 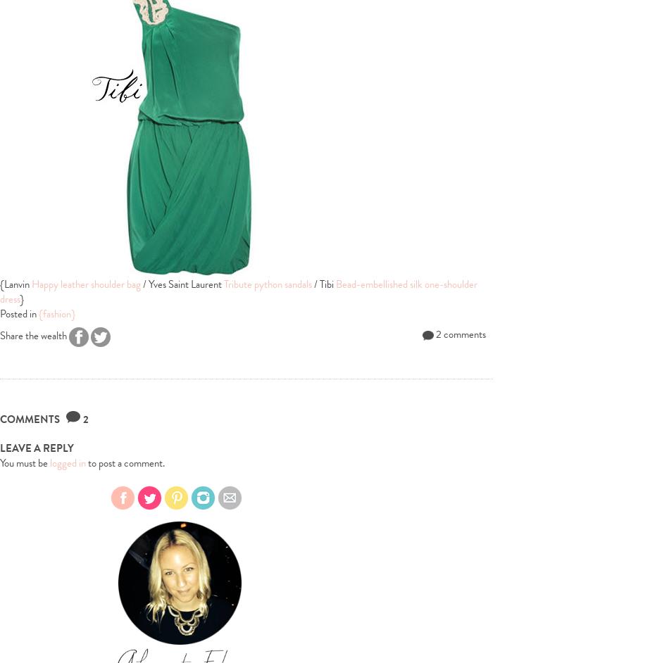 I want to click on 'Share the wealth', so click(x=35, y=336).